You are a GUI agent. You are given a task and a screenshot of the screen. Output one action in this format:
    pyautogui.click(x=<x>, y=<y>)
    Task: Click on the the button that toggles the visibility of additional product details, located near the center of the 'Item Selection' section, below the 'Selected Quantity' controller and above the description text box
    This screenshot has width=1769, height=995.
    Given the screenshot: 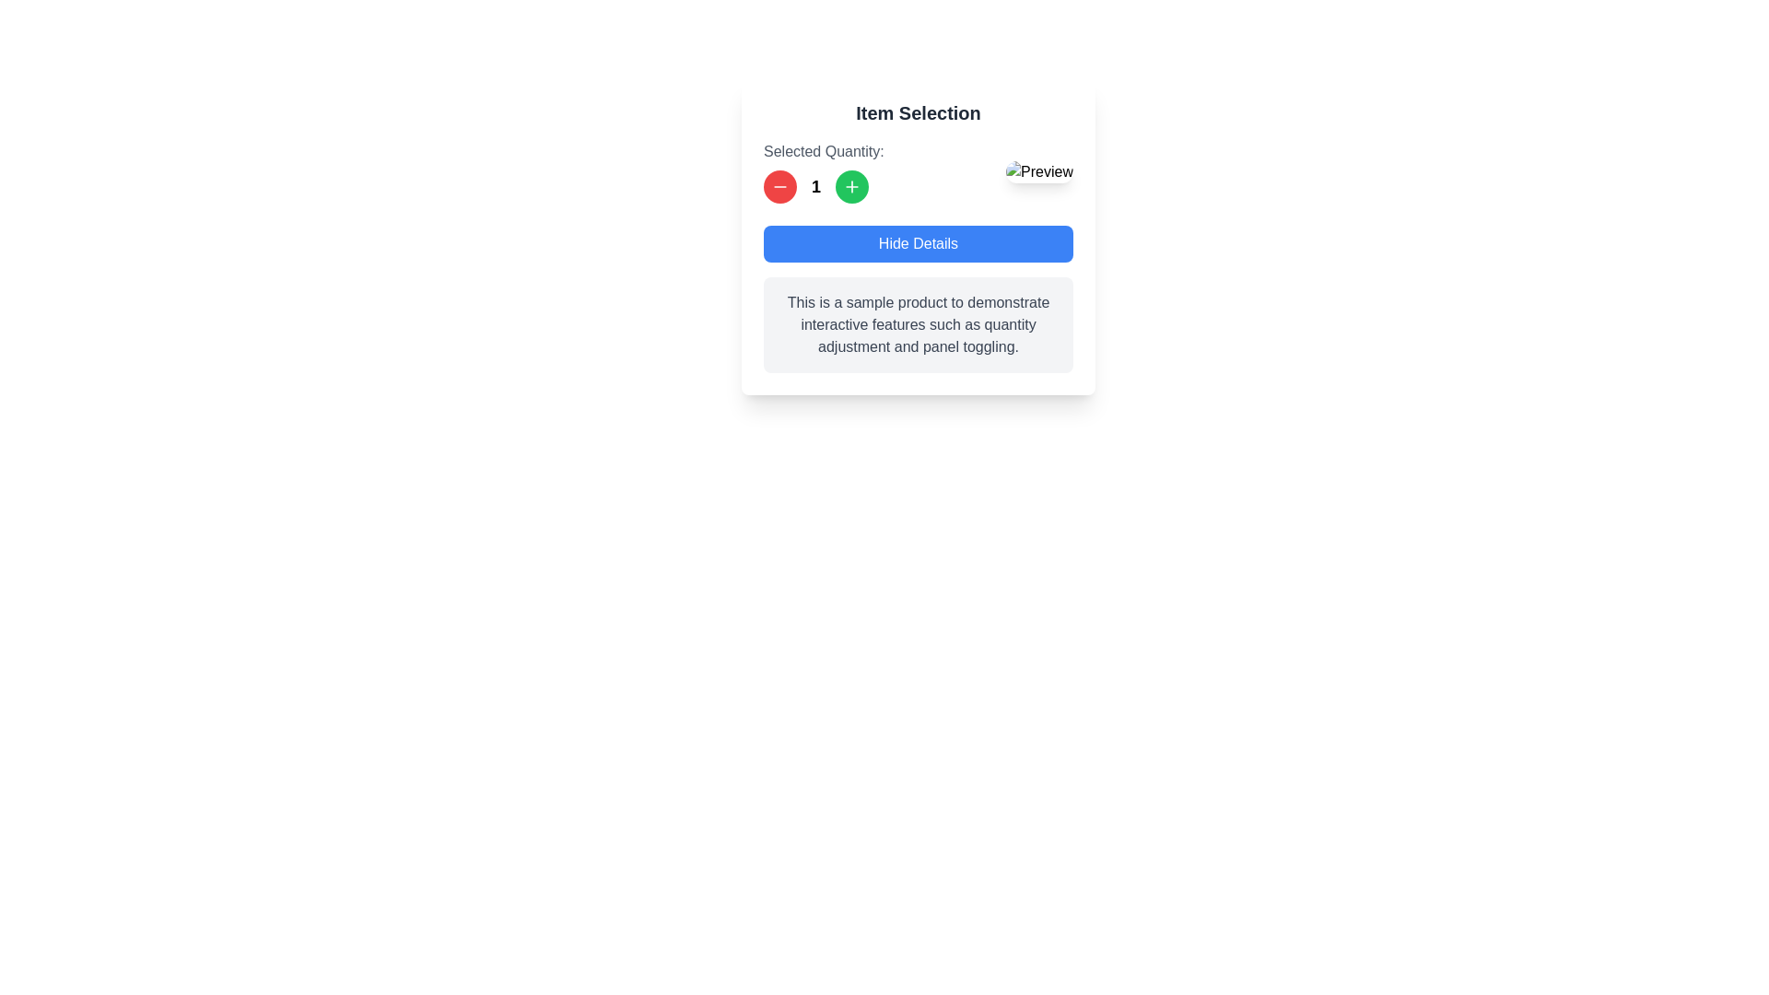 What is the action you would take?
    pyautogui.click(x=919, y=236)
    